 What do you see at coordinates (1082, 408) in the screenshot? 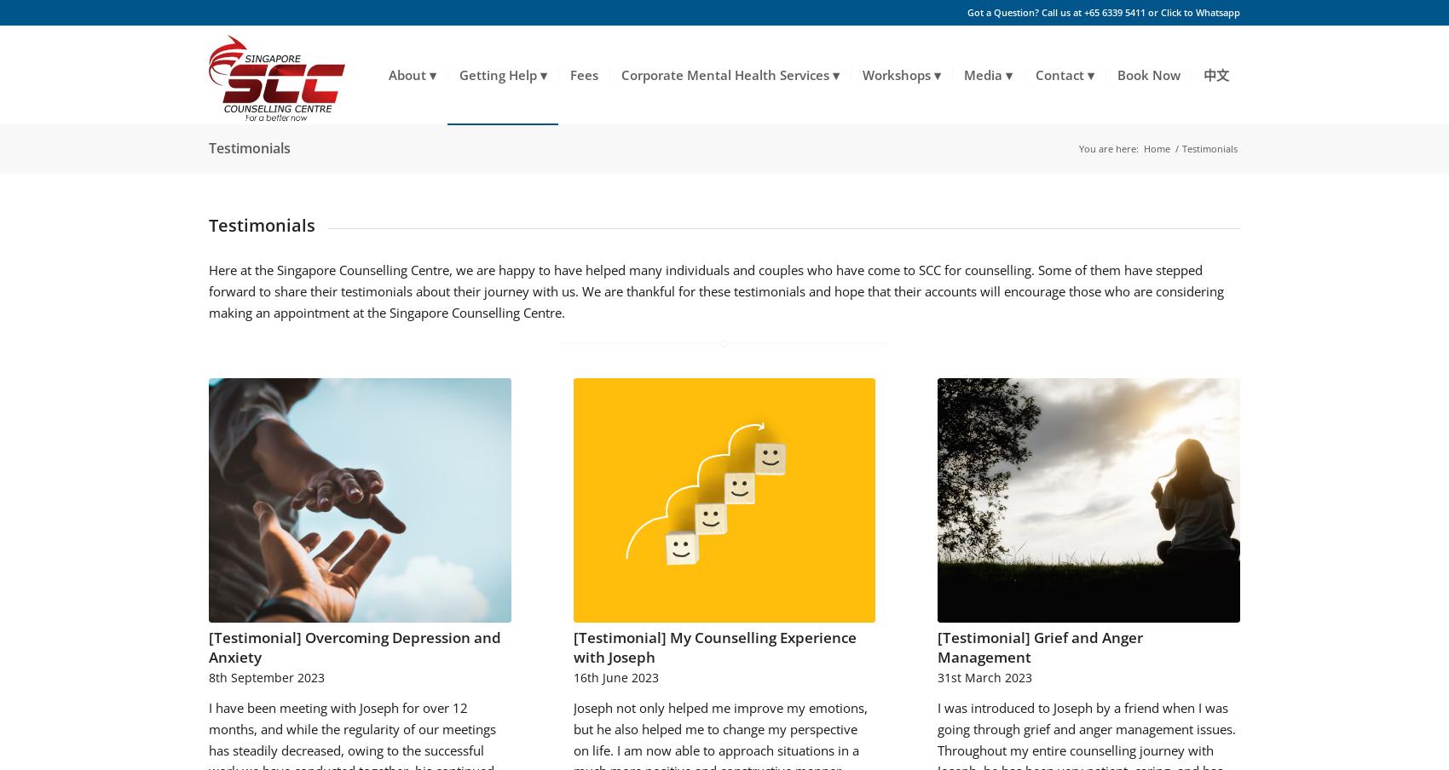
I see `'https://scc.sg/e/wp-content/uploads/2023/03/solitude-copy-women-sorrow-casual-lonely-scaled.jpg'` at bounding box center [1082, 408].